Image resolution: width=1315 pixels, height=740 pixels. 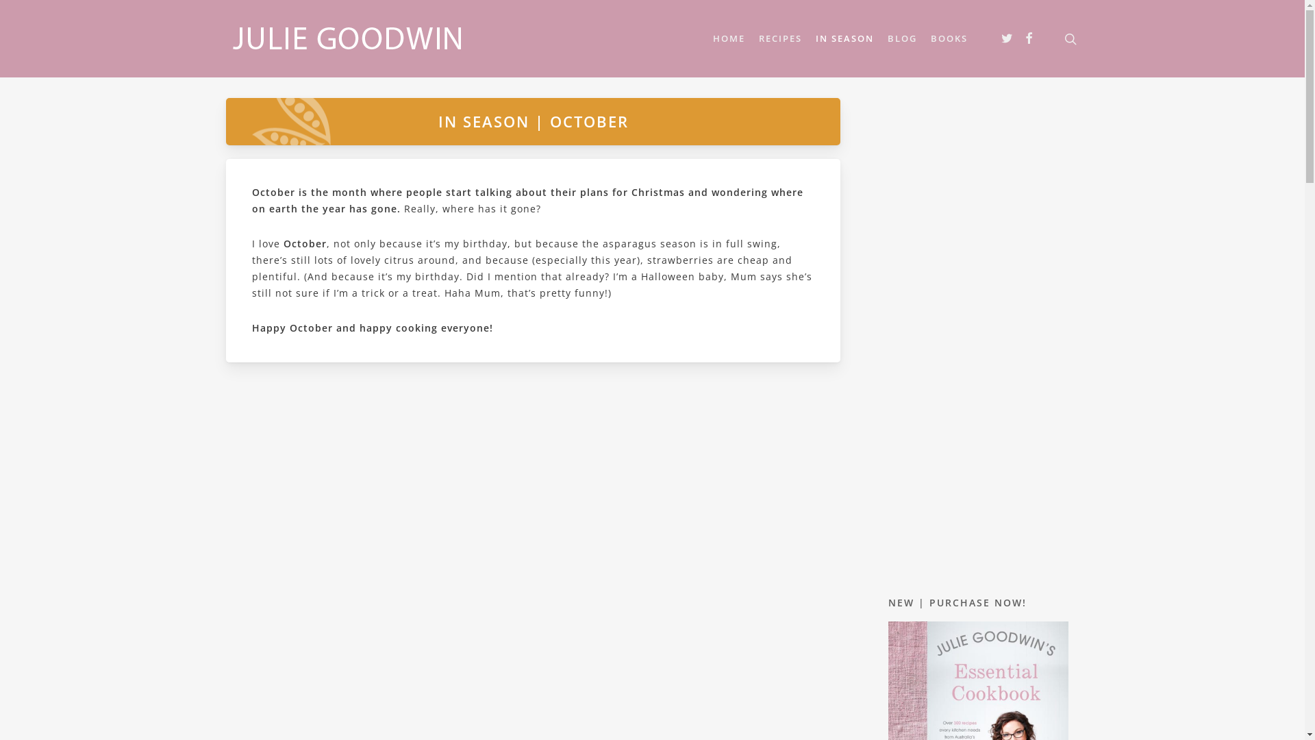 What do you see at coordinates (728, 38) in the screenshot?
I see `'HOME'` at bounding box center [728, 38].